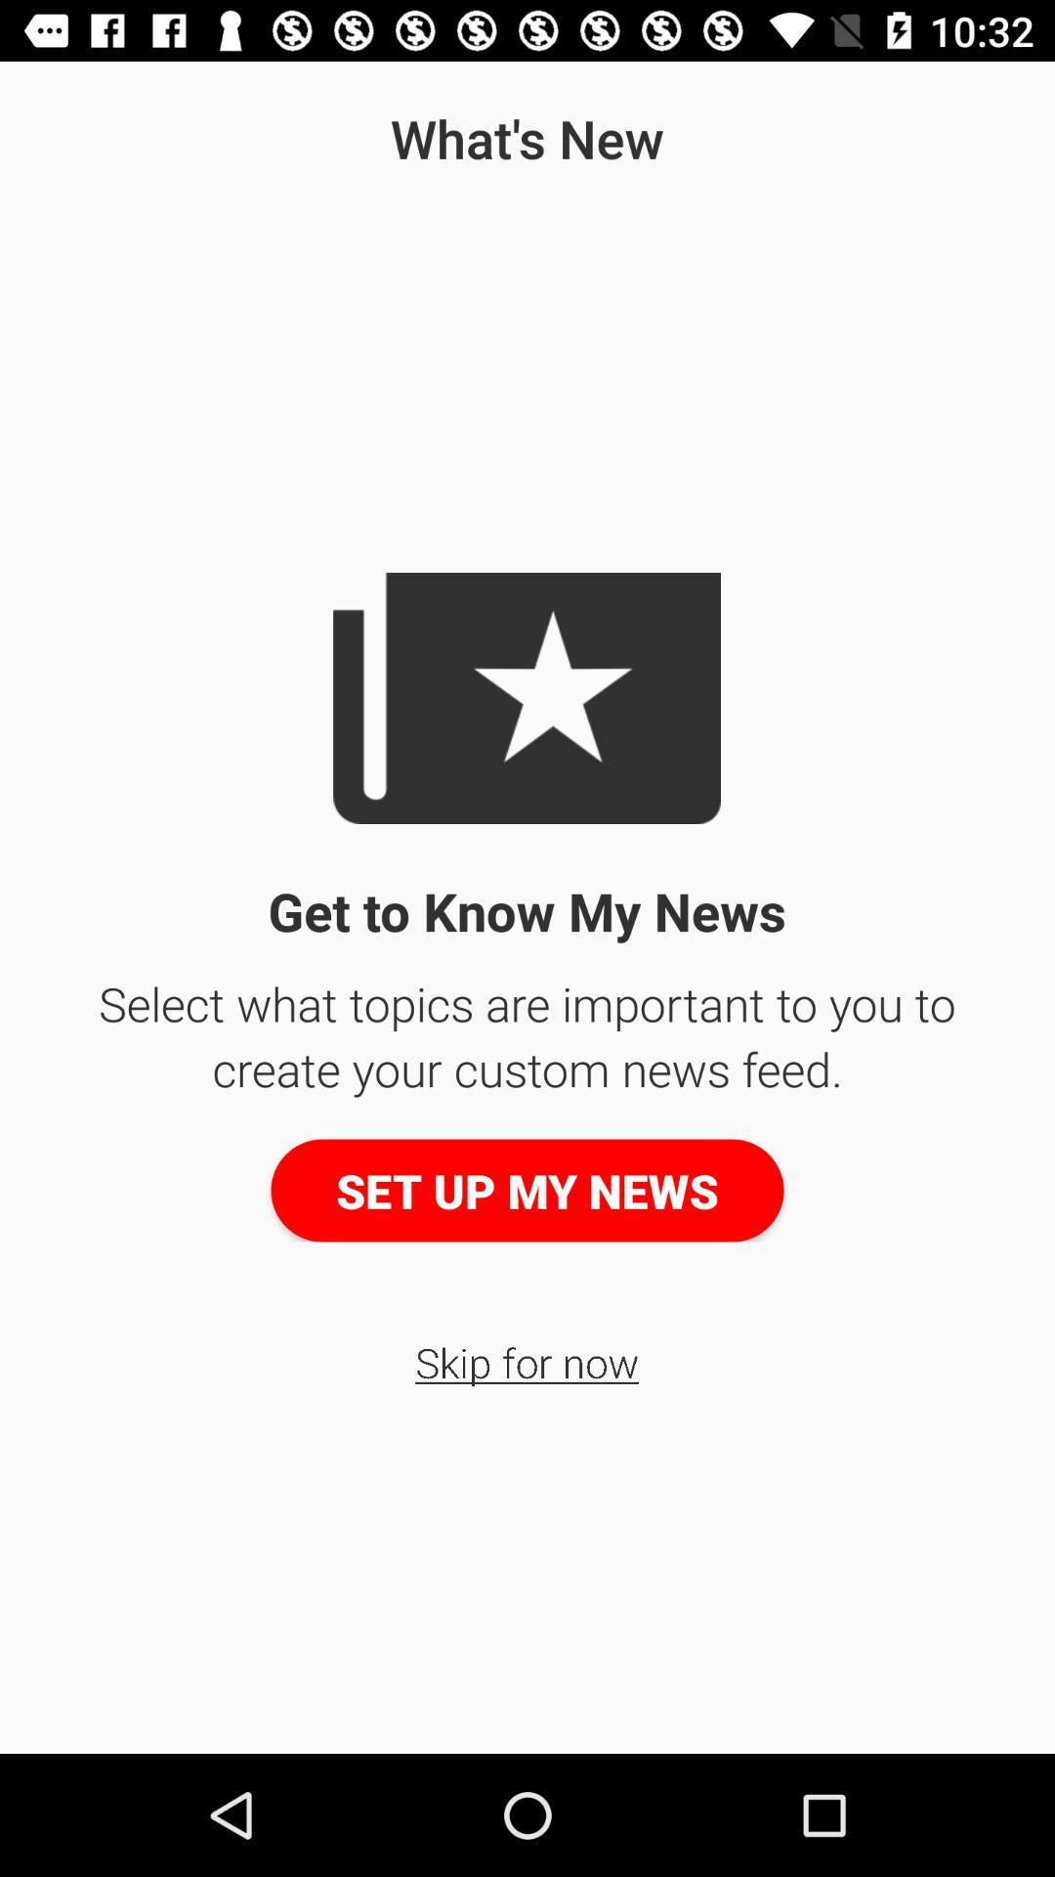  Describe the element at coordinates (526, 1361) in the screenshot. I see `skip for now item` at that location.